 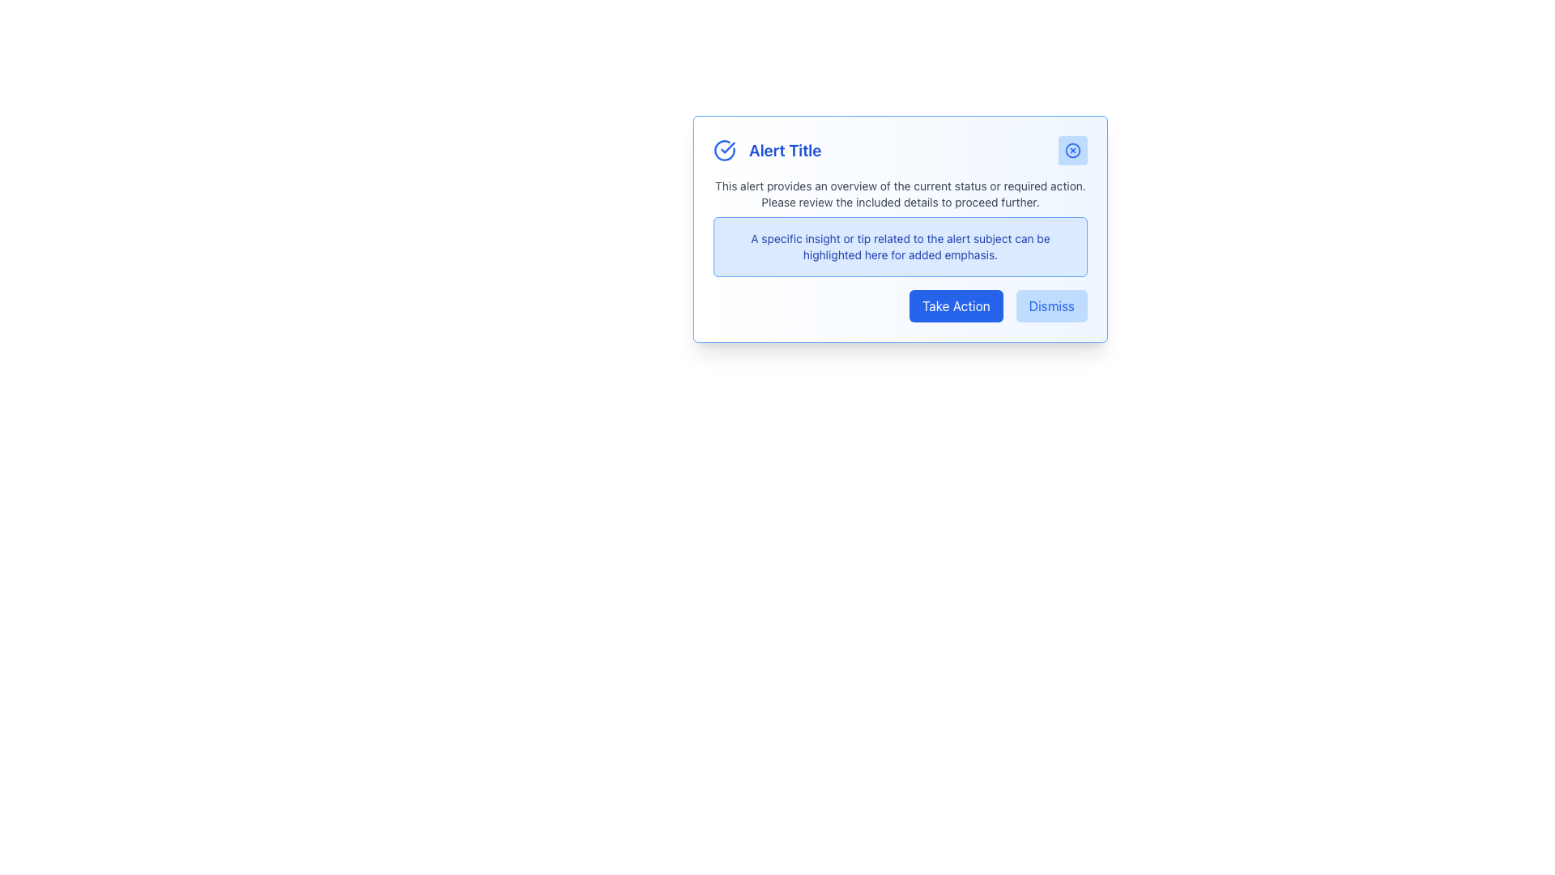 I want to click on the 'Take Action' button, which is a rectangular button with white text on a blue background, located in the bottom right of the alert box, so click(x=956, y=306).